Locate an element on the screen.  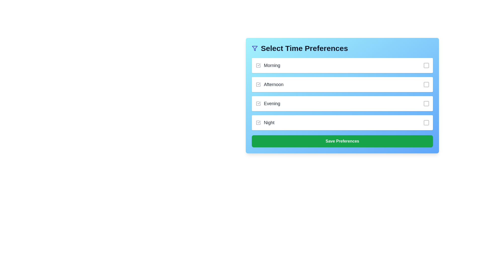
the checkbox for the 'Evening' option in the selectable list is located at coordinates (342, 103).